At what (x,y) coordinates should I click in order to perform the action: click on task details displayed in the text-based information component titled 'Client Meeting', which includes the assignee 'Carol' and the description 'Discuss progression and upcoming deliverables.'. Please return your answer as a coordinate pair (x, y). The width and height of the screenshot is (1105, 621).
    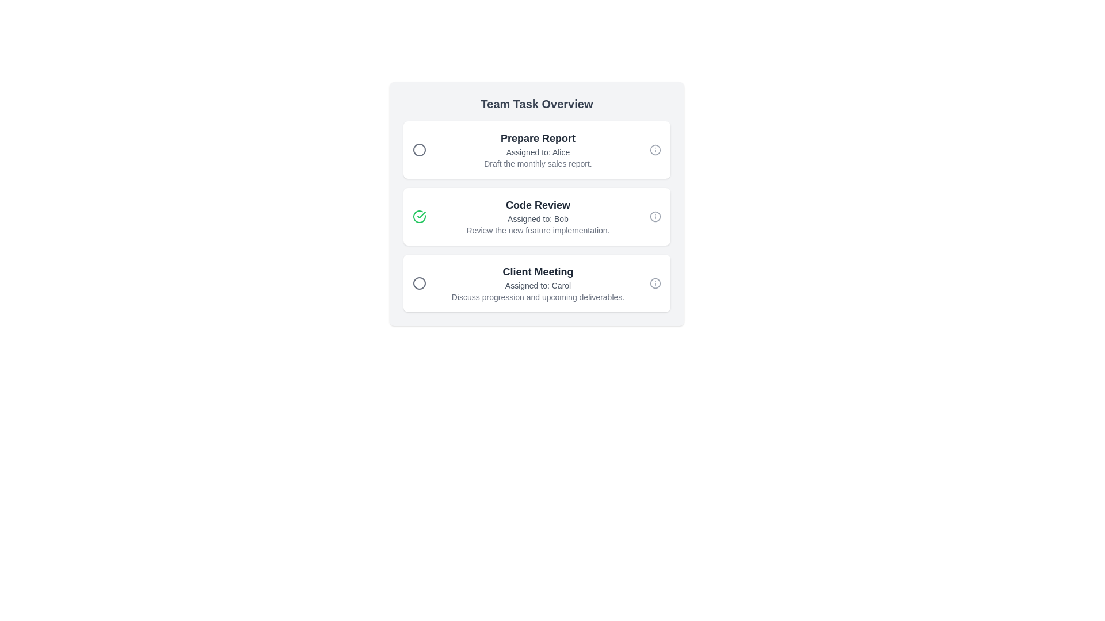
    Looking at the image, I should click on (538, 283).